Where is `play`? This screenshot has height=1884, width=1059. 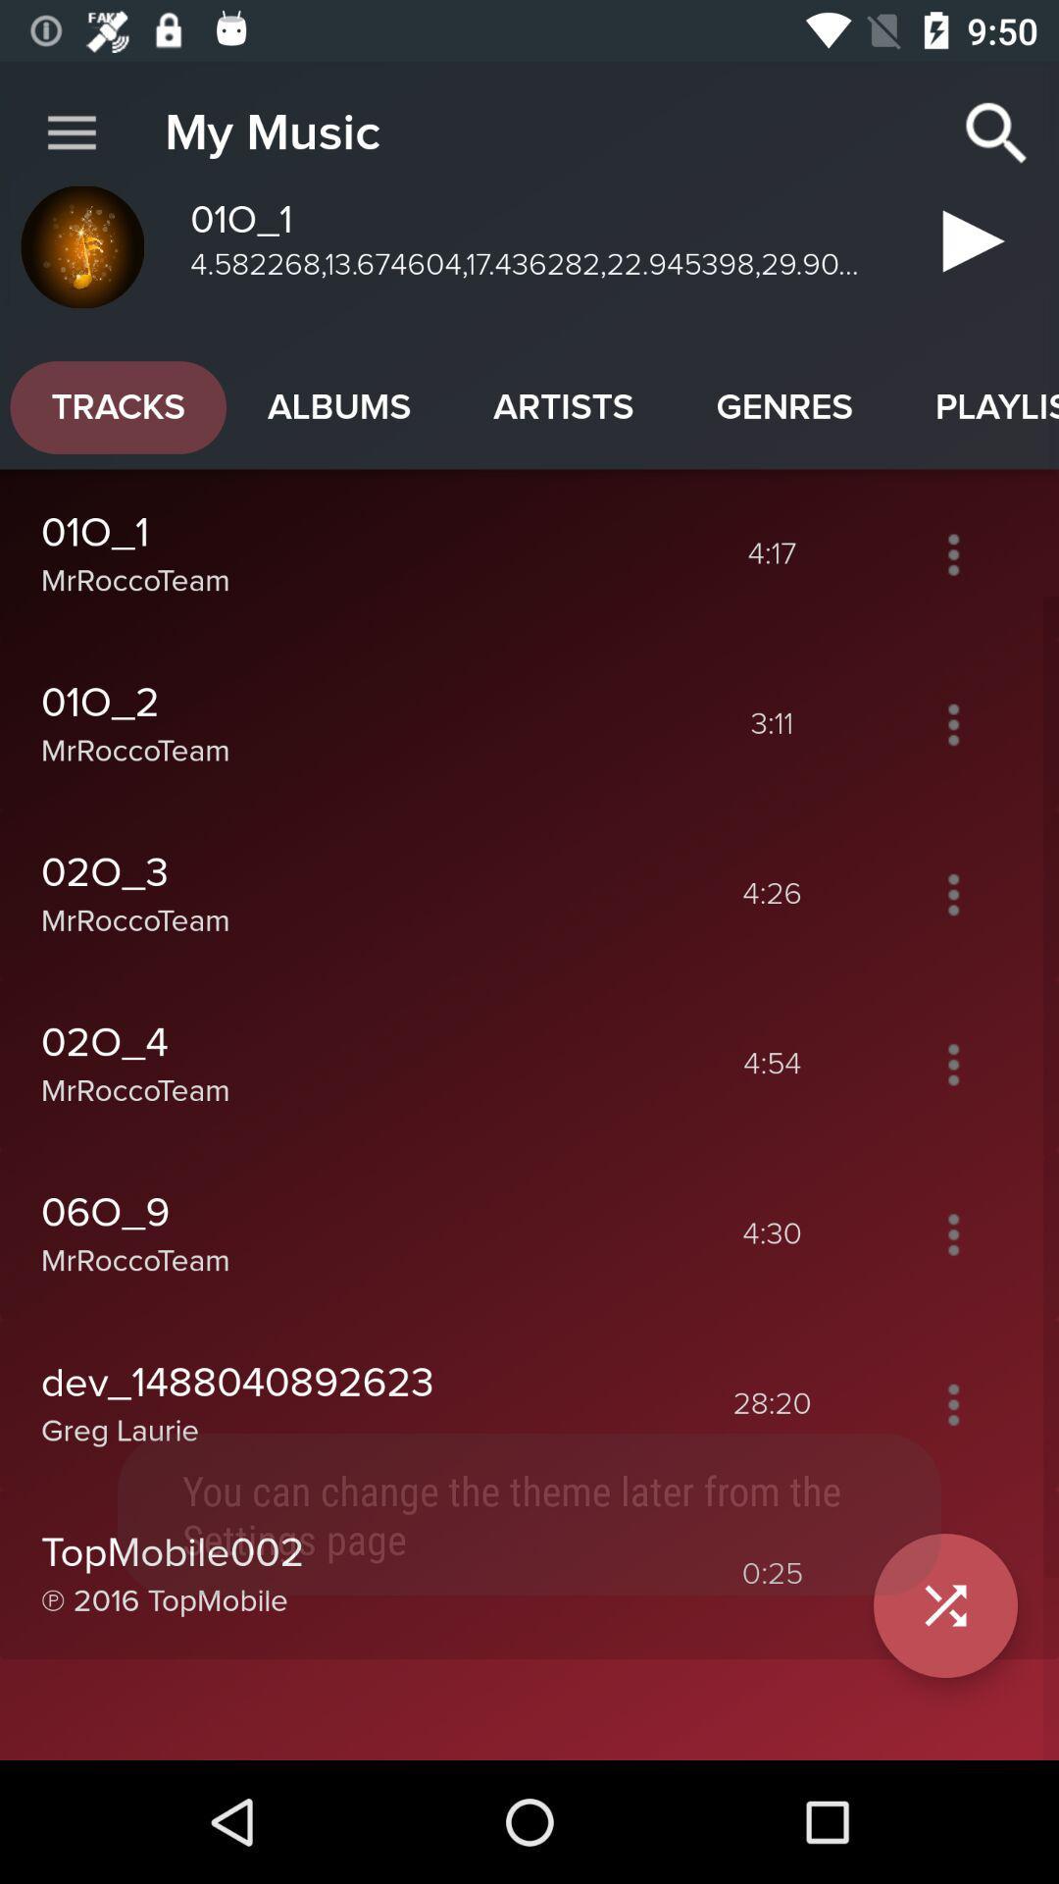
play is located at coordinates (965, 248).